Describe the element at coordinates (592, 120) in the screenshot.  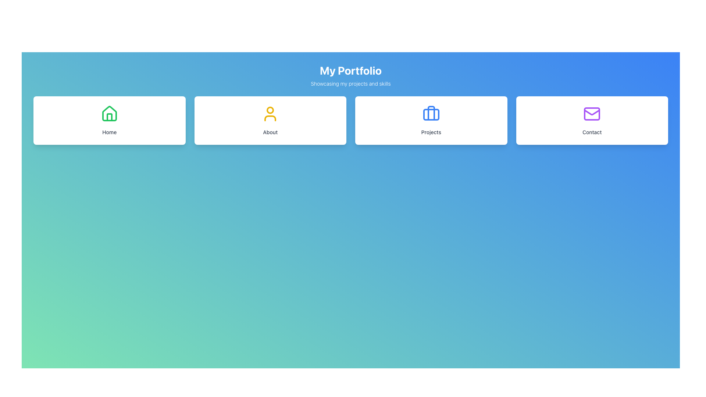
I see `the fourth card in a horizontal grid of four cards, which serves as a Button-like hyperlink to the 'Contact' section of the webpage` at that location.